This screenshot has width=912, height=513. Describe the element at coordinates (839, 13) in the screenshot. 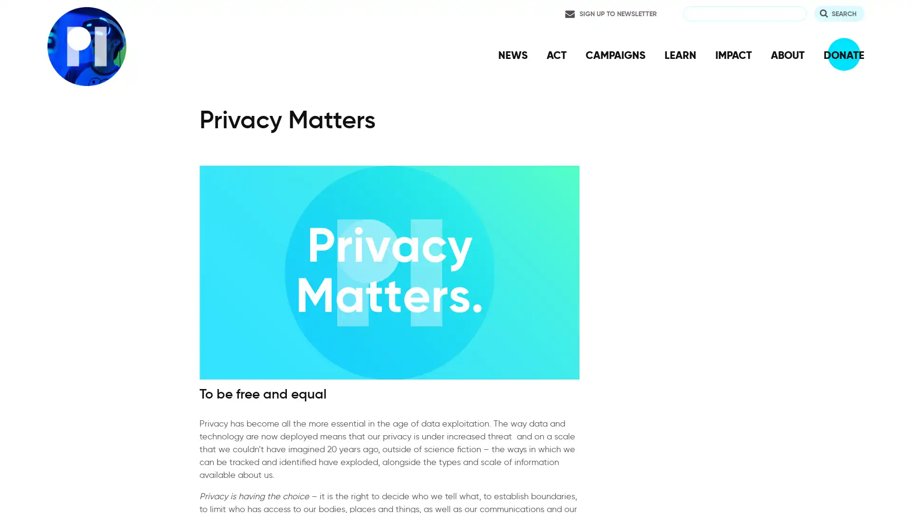

I see `Search` at that location.